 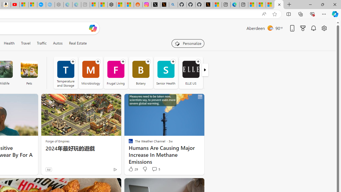 I want to click on 'Microbiology', so click(x=91, y=73).